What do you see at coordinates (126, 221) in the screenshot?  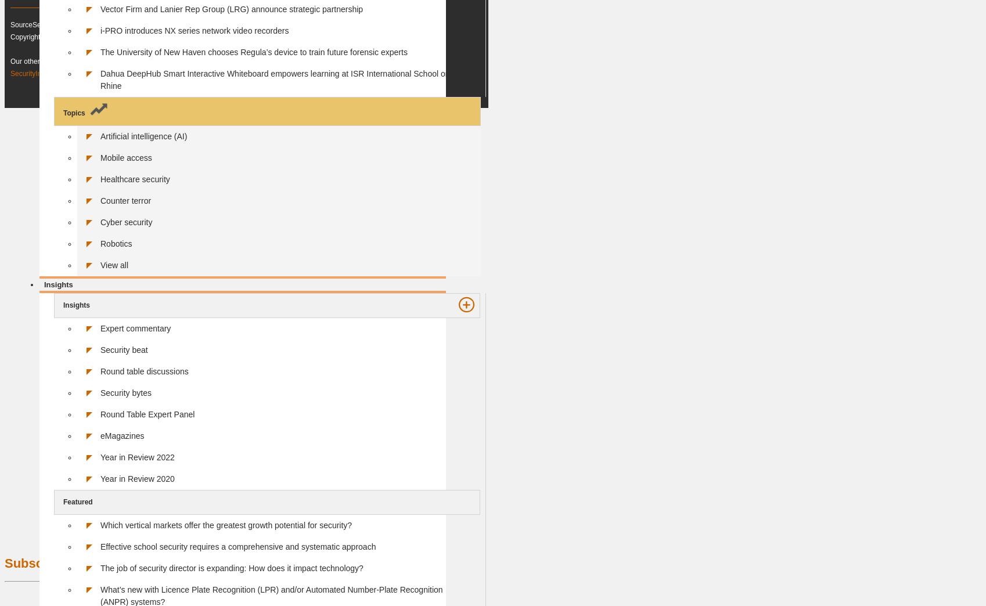 I see `'Cyber security'` at bounding box center [126, 221].